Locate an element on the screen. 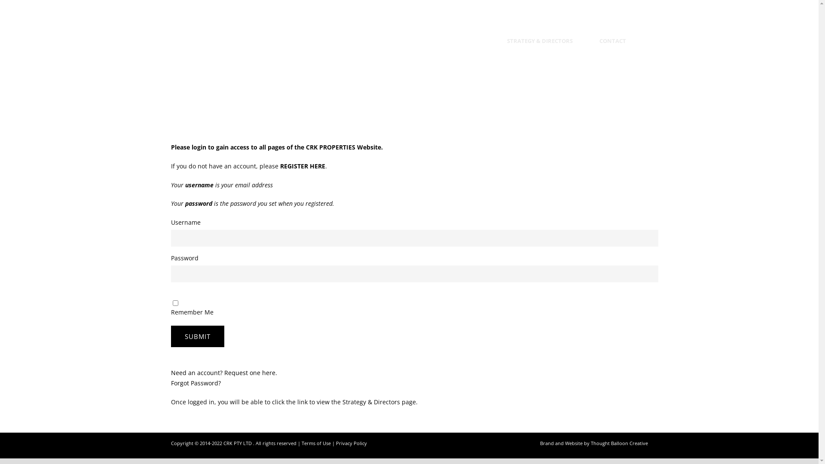  'Privacy Policy' is located at coordinates (351, 443).